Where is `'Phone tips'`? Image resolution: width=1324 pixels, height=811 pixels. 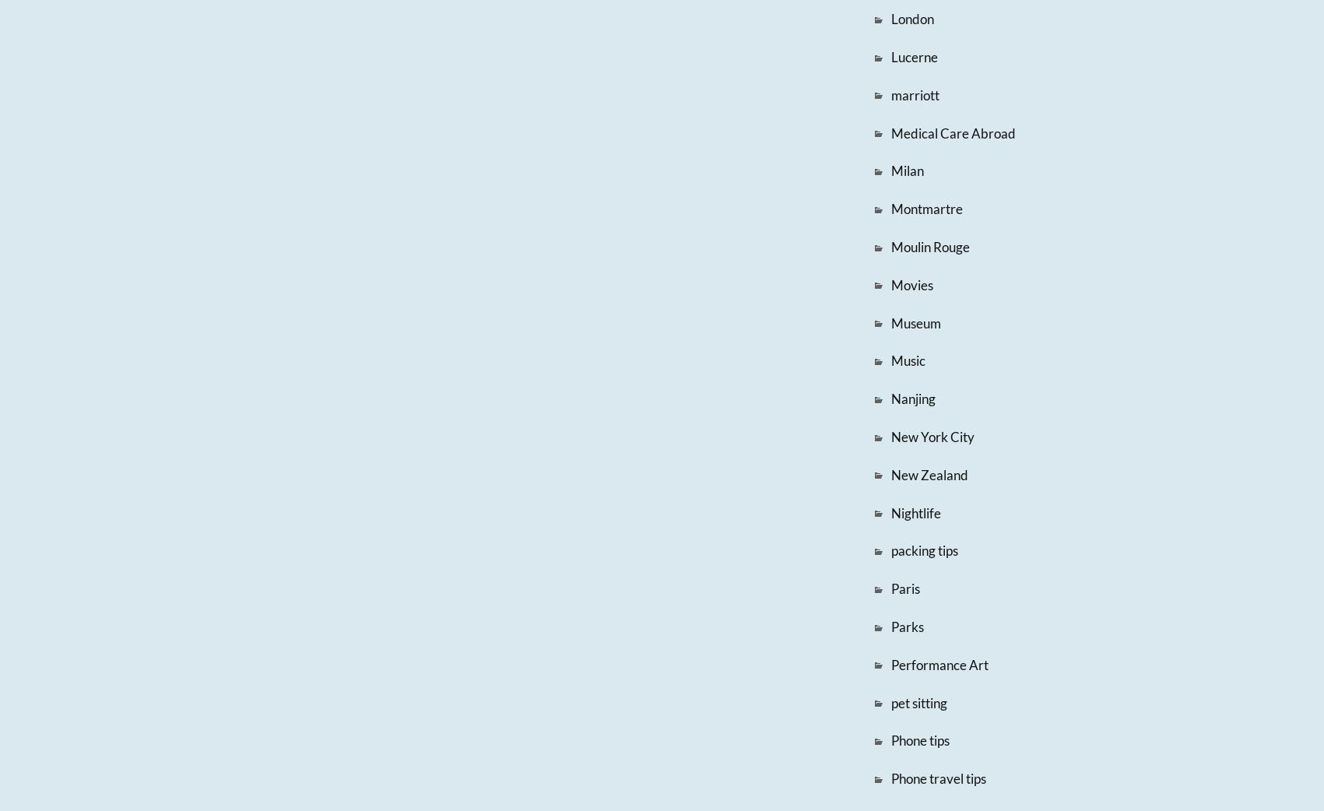 'Phone tips' is located at coordinates (918, 739).